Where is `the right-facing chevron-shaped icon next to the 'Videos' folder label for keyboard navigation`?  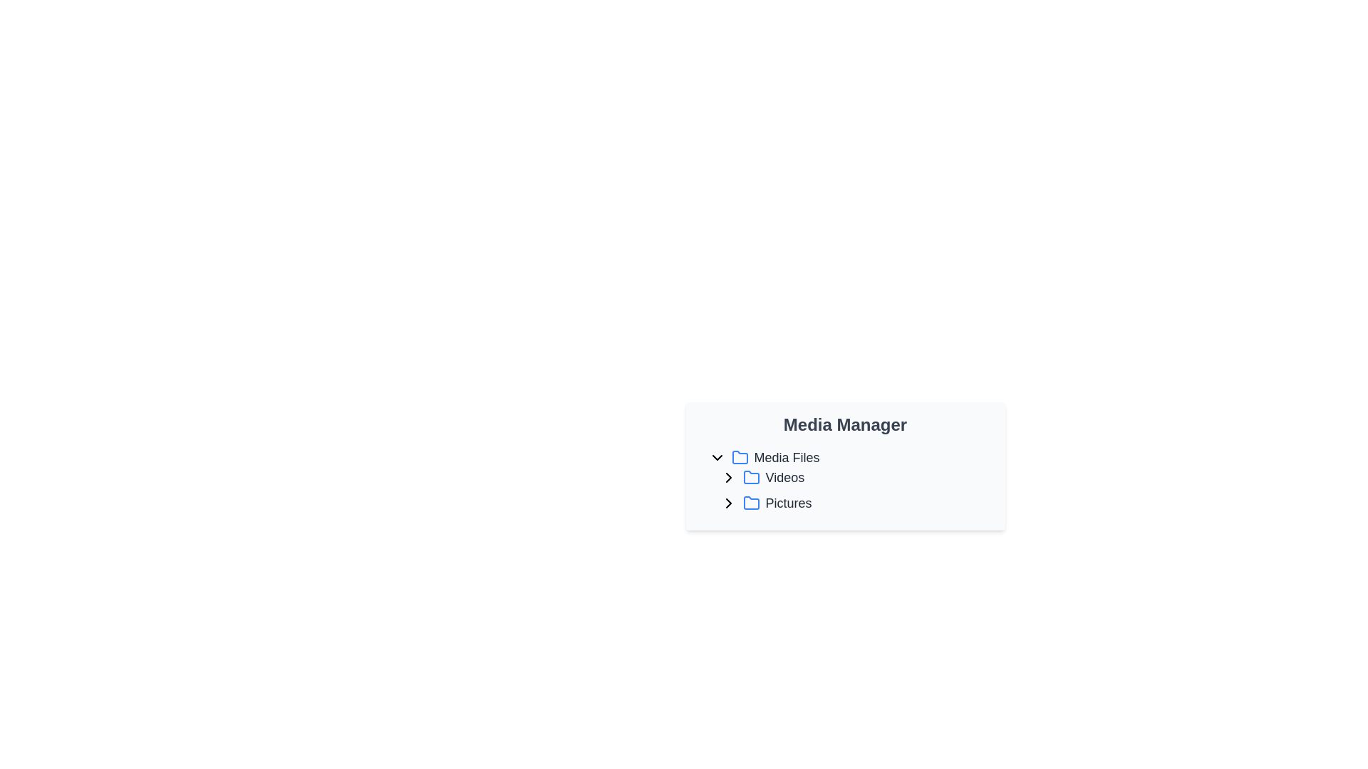 the right-facing chevron-shaped icon next to the 'Videos' folder label for keyboard navigation is located at coordinates (728, 478).